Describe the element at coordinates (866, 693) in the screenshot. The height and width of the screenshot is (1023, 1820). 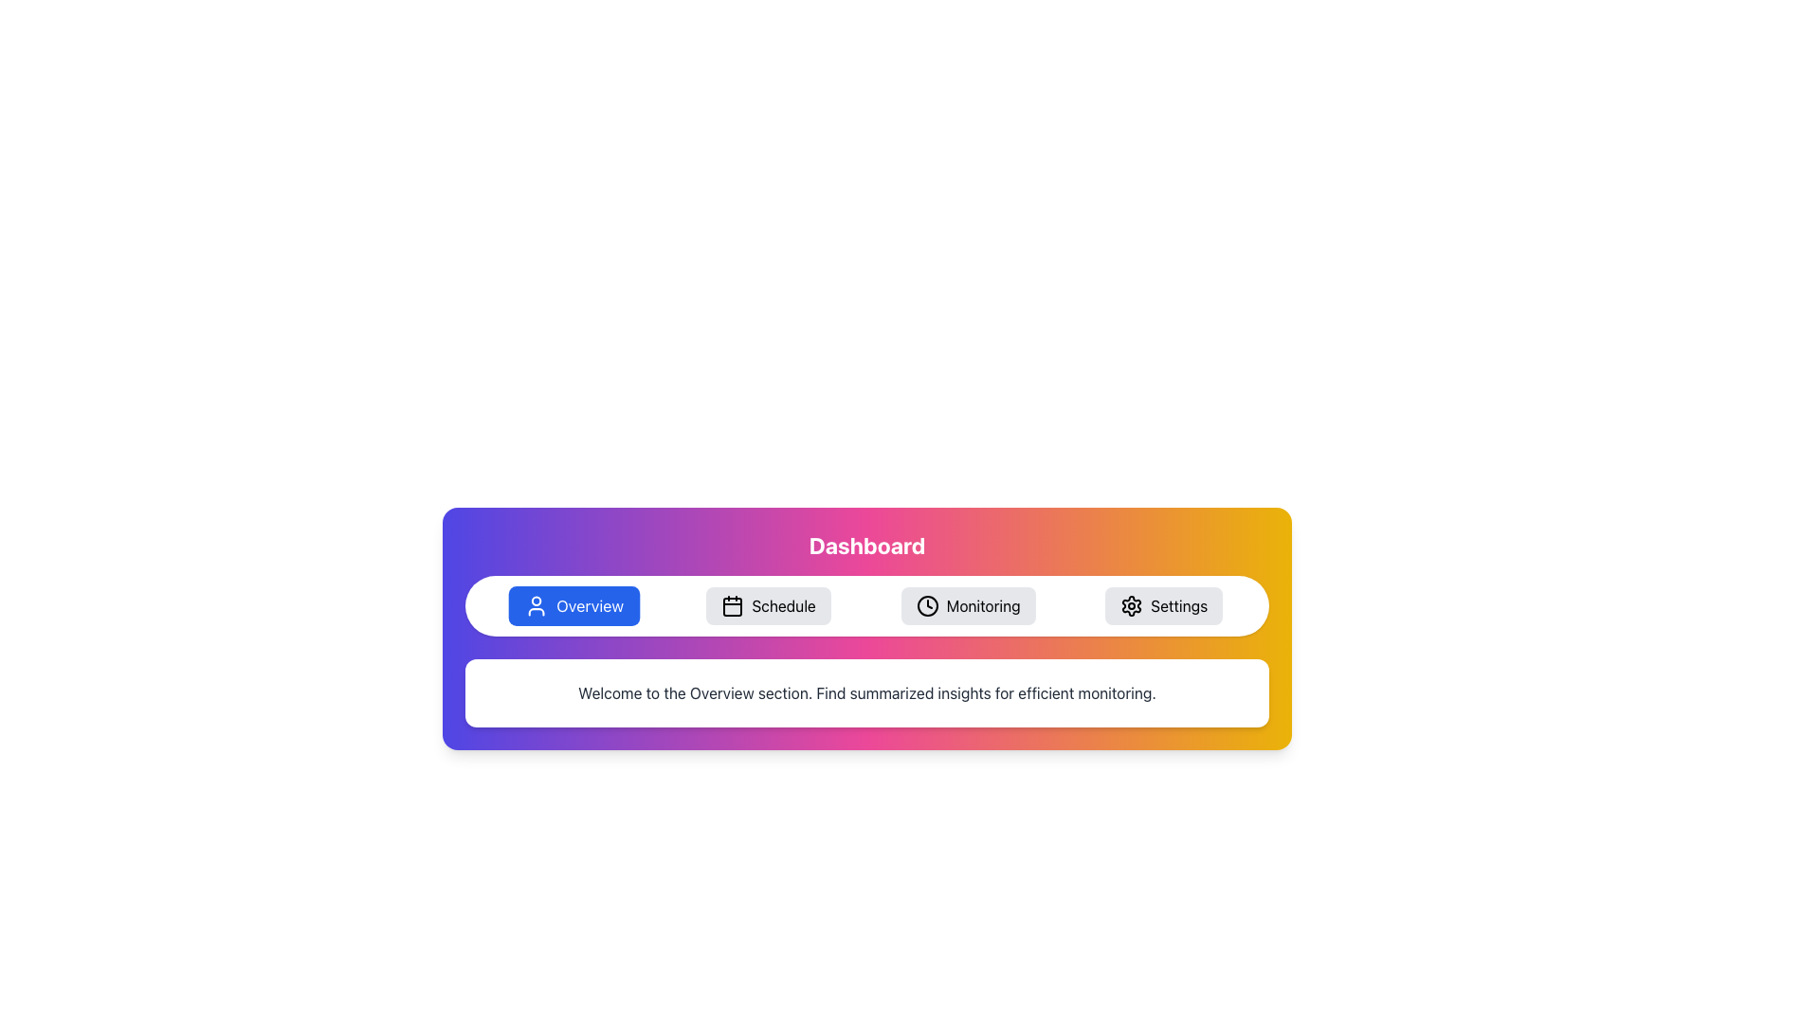
I see `the text box that reads 'Welcome to the Overview section. Find summarized insights for efficient monitoring.'` at that location.